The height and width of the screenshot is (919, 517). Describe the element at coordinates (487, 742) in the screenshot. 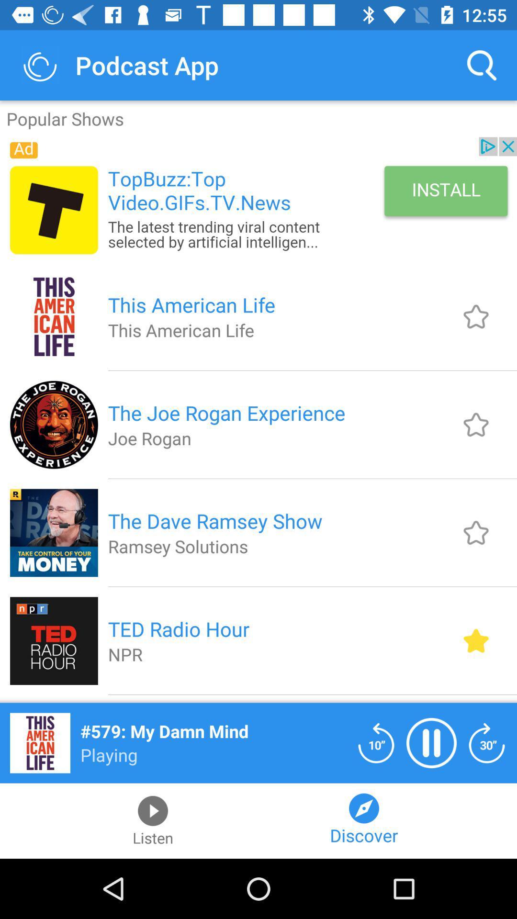

I see `the av_forward icon` at that location.